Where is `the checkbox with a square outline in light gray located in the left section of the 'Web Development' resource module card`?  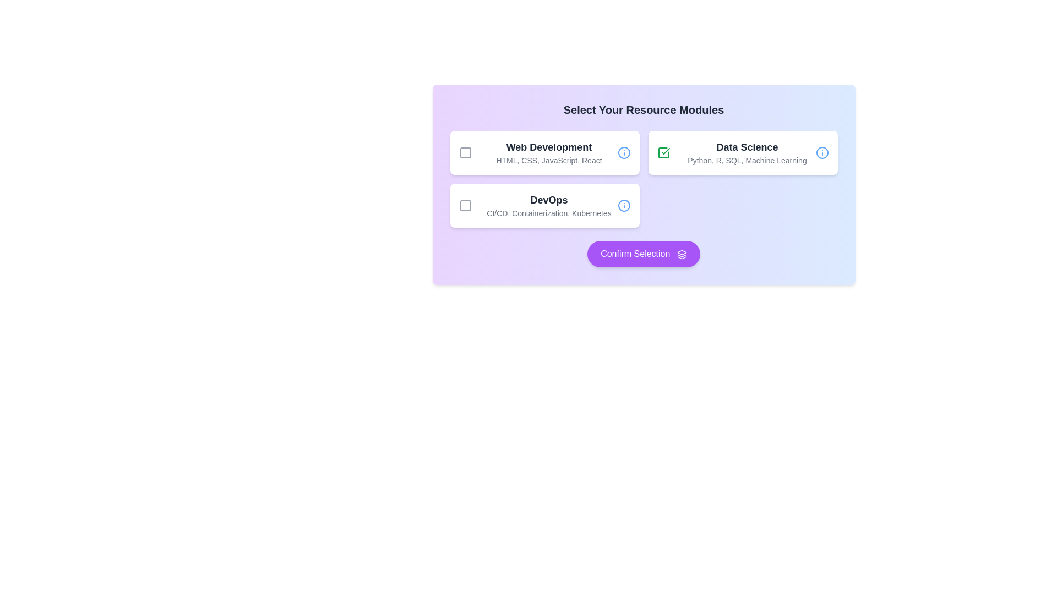
the checkbox with a square outline in light gray located in the left section of the 'Web Development' resource module card is located at coordinates (465, 152).